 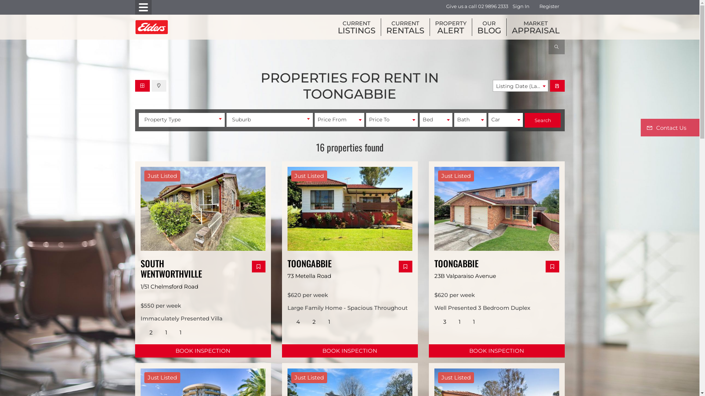 I want to click on 'Register', so click(x=549, y=7).